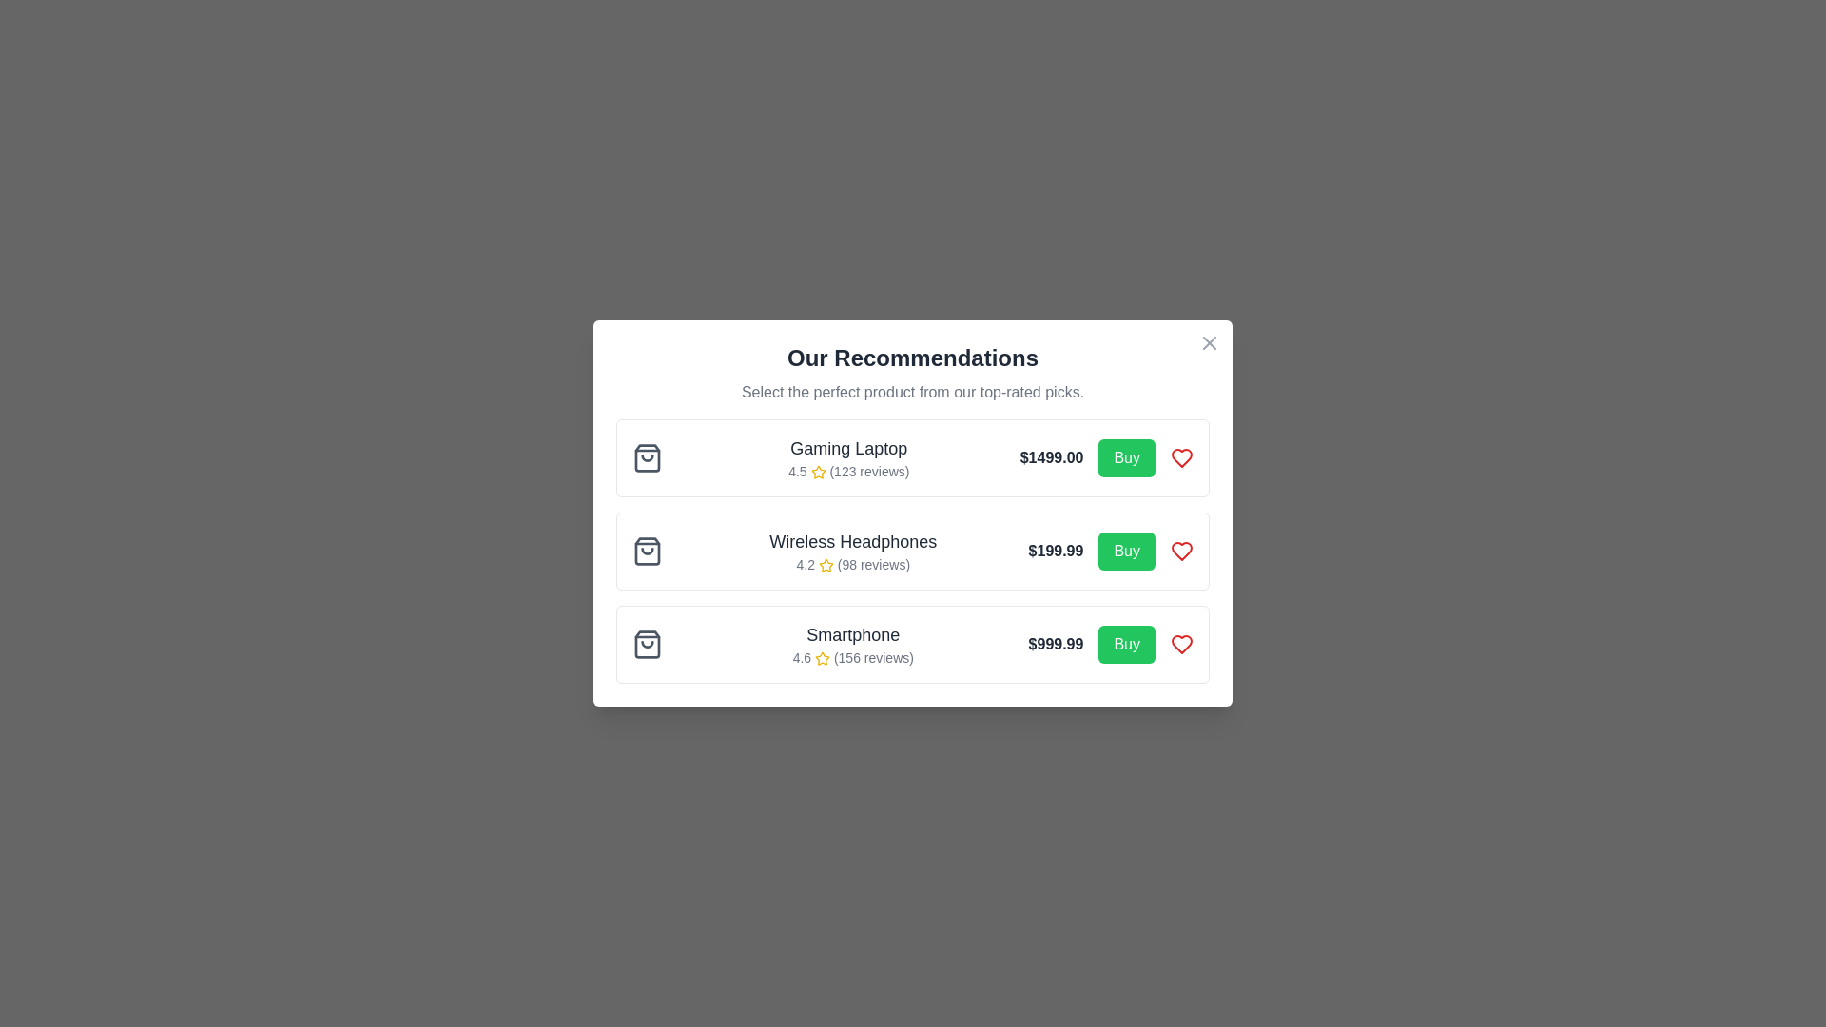 The width and height of the screenshot is (1826, 1027). Describe the element at coordinates (648, 644) in the screenshot. I see `the shopping bag icon with a gray outline, which is the leftmost icon in the product overview section for the 'Smartphone' item` at that location.